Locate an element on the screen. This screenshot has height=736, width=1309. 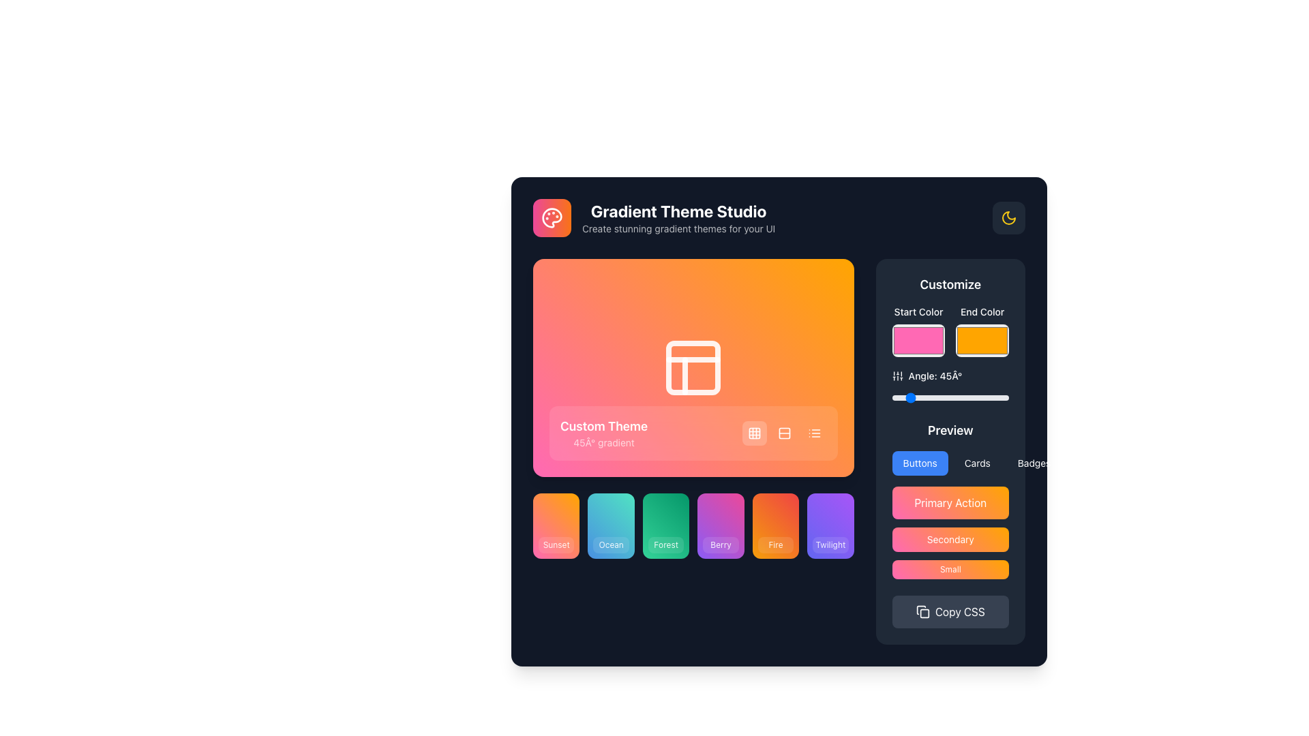
the 'Copy CSS' button located at the bottom of the 'Customize' section is located at coordinates (950, 611).